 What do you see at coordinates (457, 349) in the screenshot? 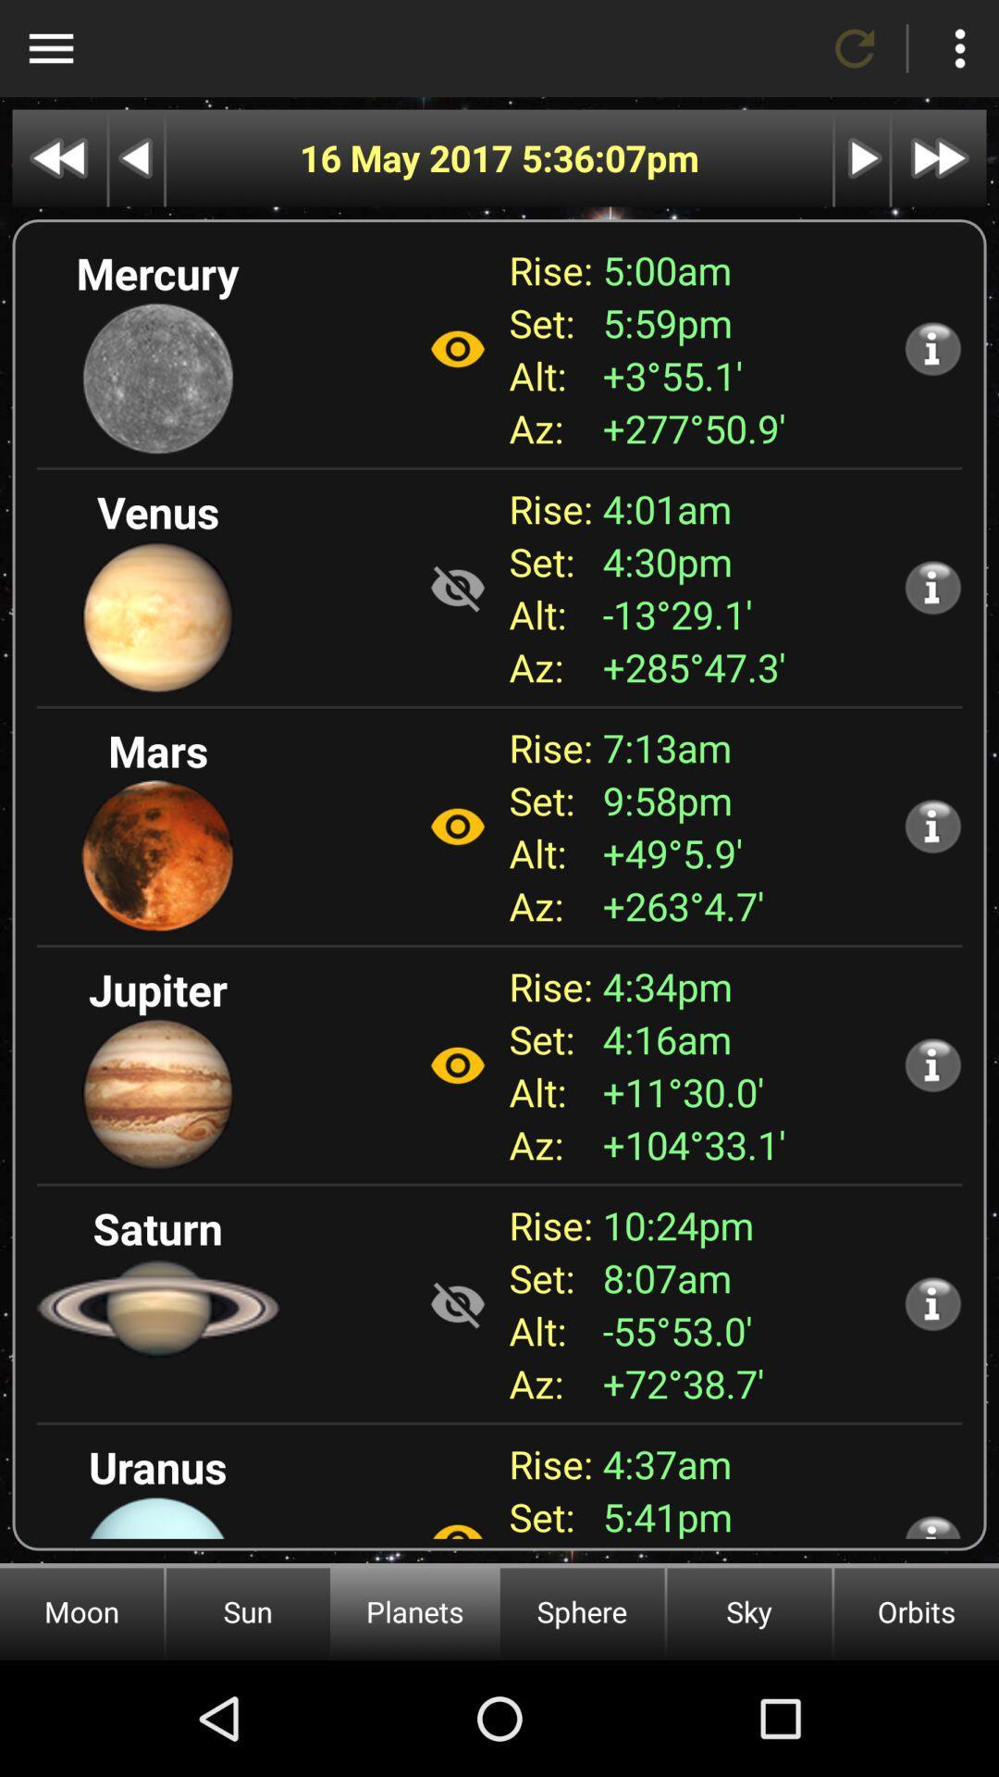
I see `visibility` at bounding box center [457, 349].